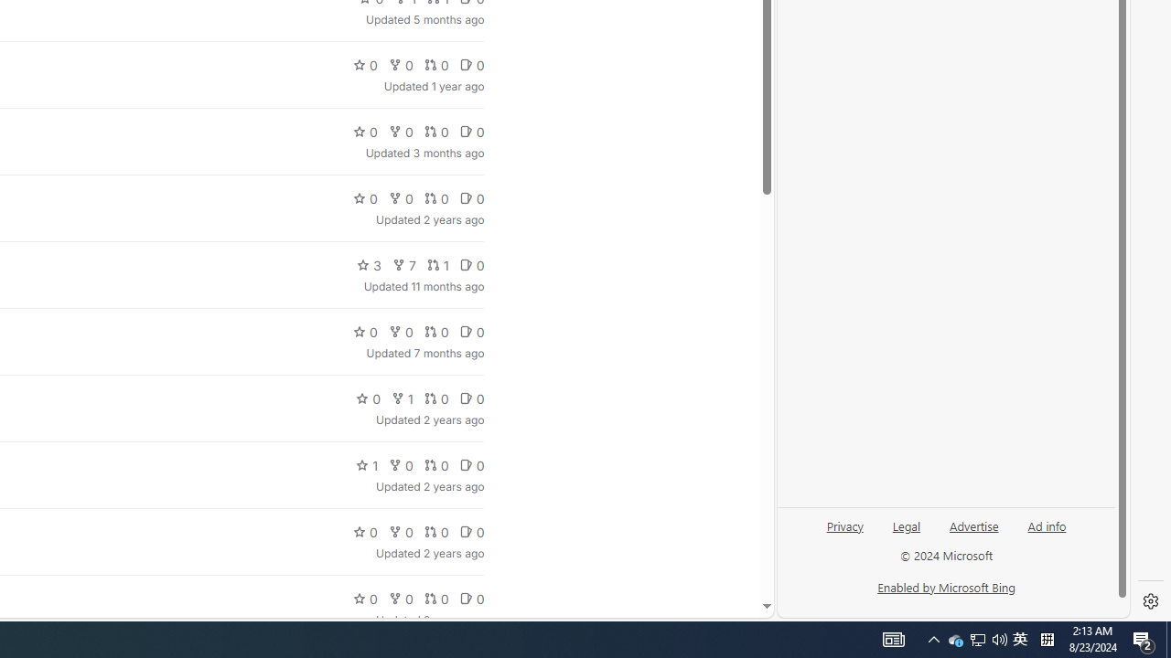  What do you see at coordinates (843, 525) in the screenshot?
I see `'Privacy'` at bounding box center [843, 525].